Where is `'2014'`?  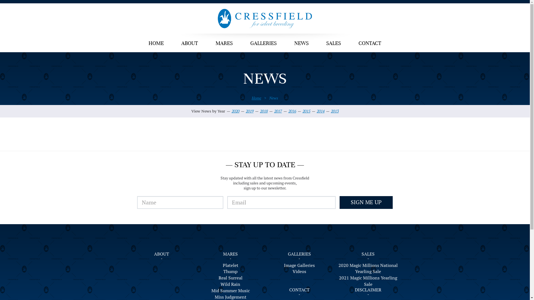 '2014' is located at coordinates (320, 111).